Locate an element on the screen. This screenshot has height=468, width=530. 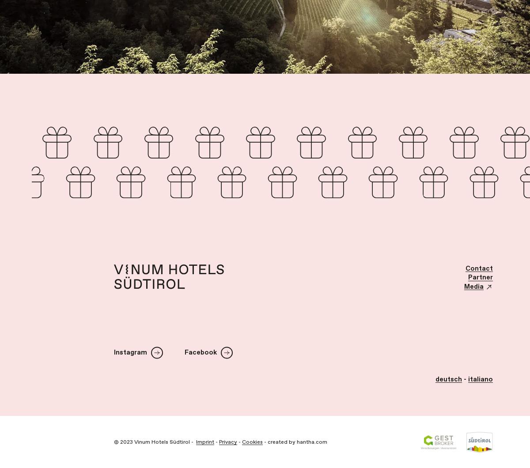
'Cookies' is located at coordinates (242, 441).